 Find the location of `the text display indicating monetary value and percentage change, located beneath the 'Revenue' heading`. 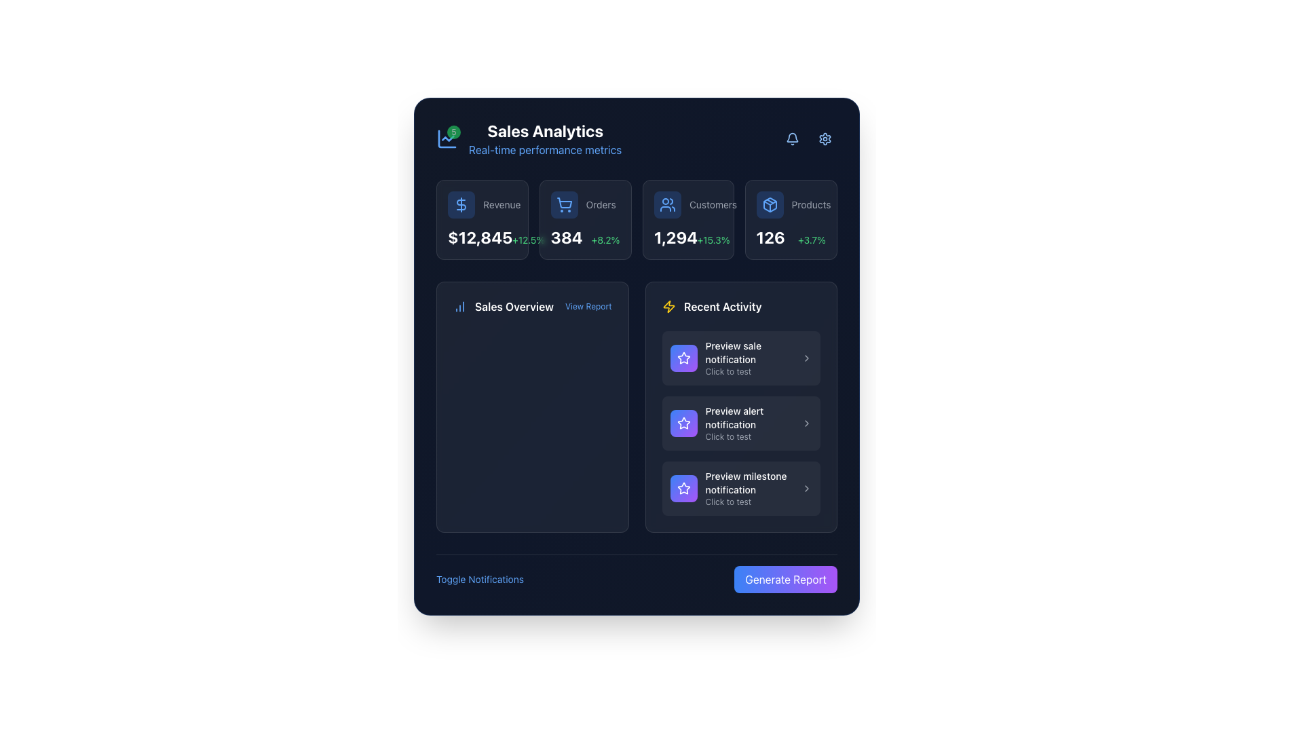

the text display indicating monetary value and percentage change, located beneath the 'Revenue' heading is located at coordinates (482, 237).